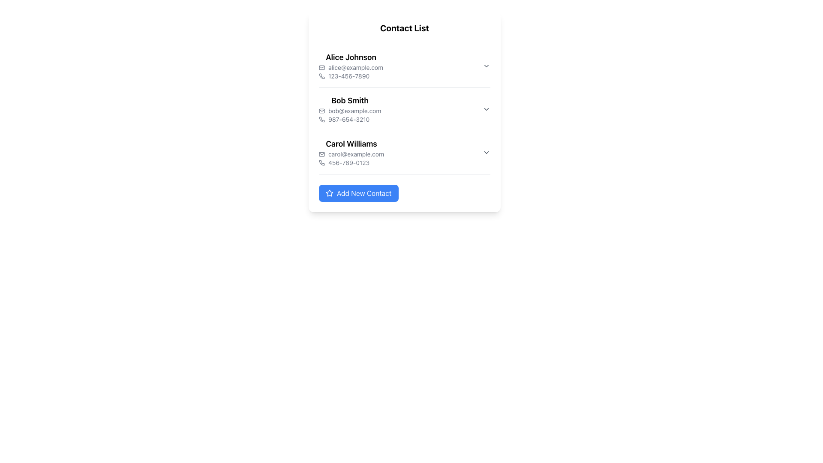  I want to click on the text display element showing 'Alice Johnson' in bold at the top of the contact information block, so click(351, 57).